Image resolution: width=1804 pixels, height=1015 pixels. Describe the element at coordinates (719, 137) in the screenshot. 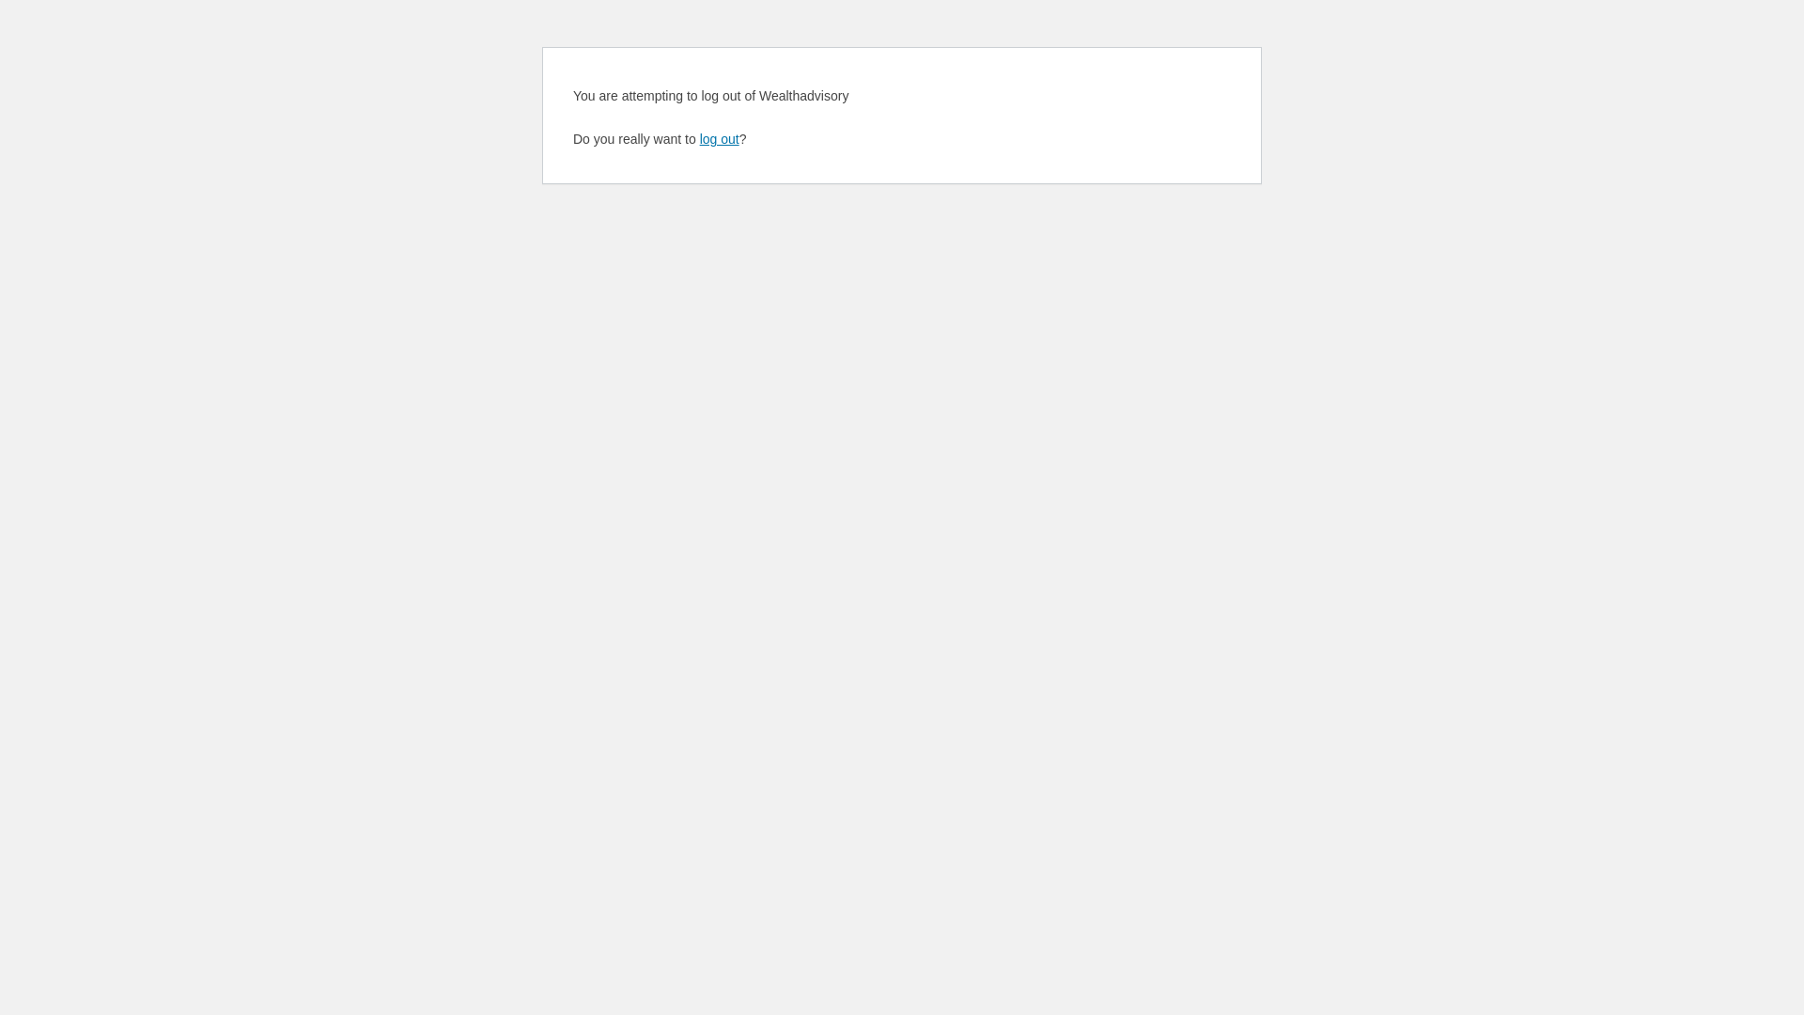

I see `'log out'` at that location.